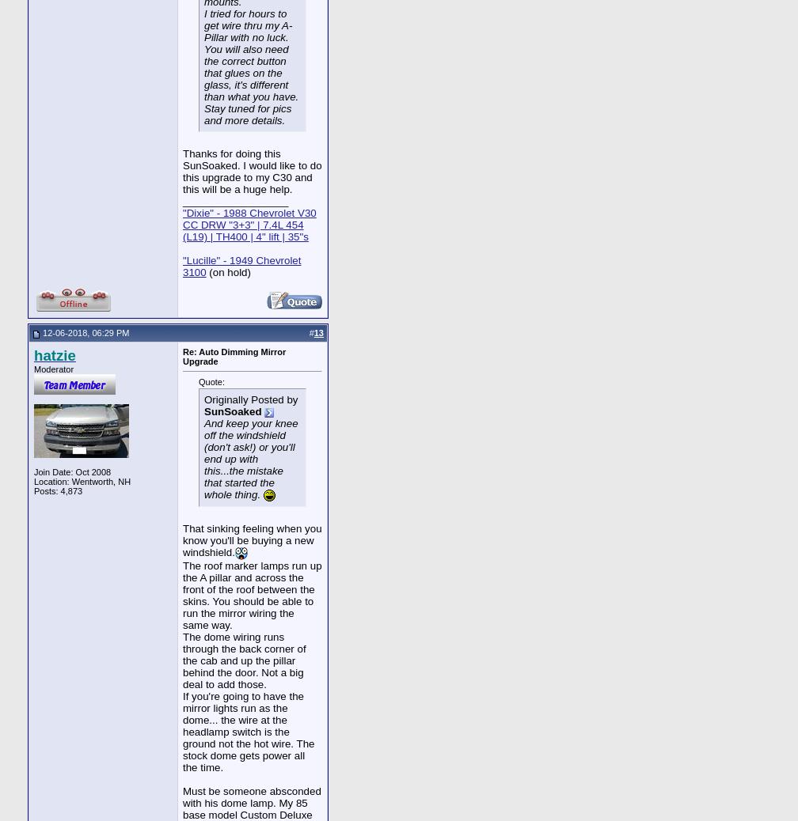 The height and width of the screenshot is (821, 798). Describe the element at coordinates (251, 458) in the screenshot. I see `'And keep your knee off  the windshield (don't ask!) or you'll end up with this...the mistake that started the whole thing.'` at that location.